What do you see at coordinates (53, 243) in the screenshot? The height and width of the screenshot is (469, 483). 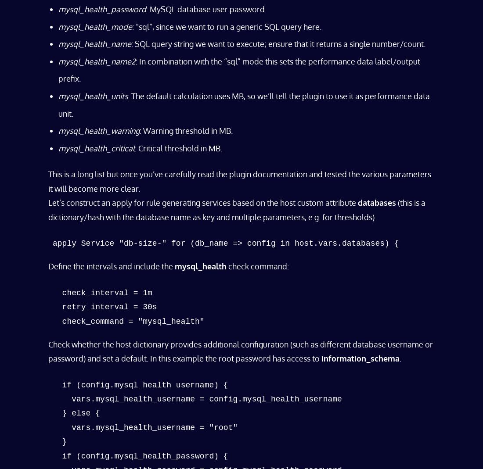 I see `'apply Service "db-size-" for (db_name => config in host.vars.databases) {'` at bounding box center [53, 243].